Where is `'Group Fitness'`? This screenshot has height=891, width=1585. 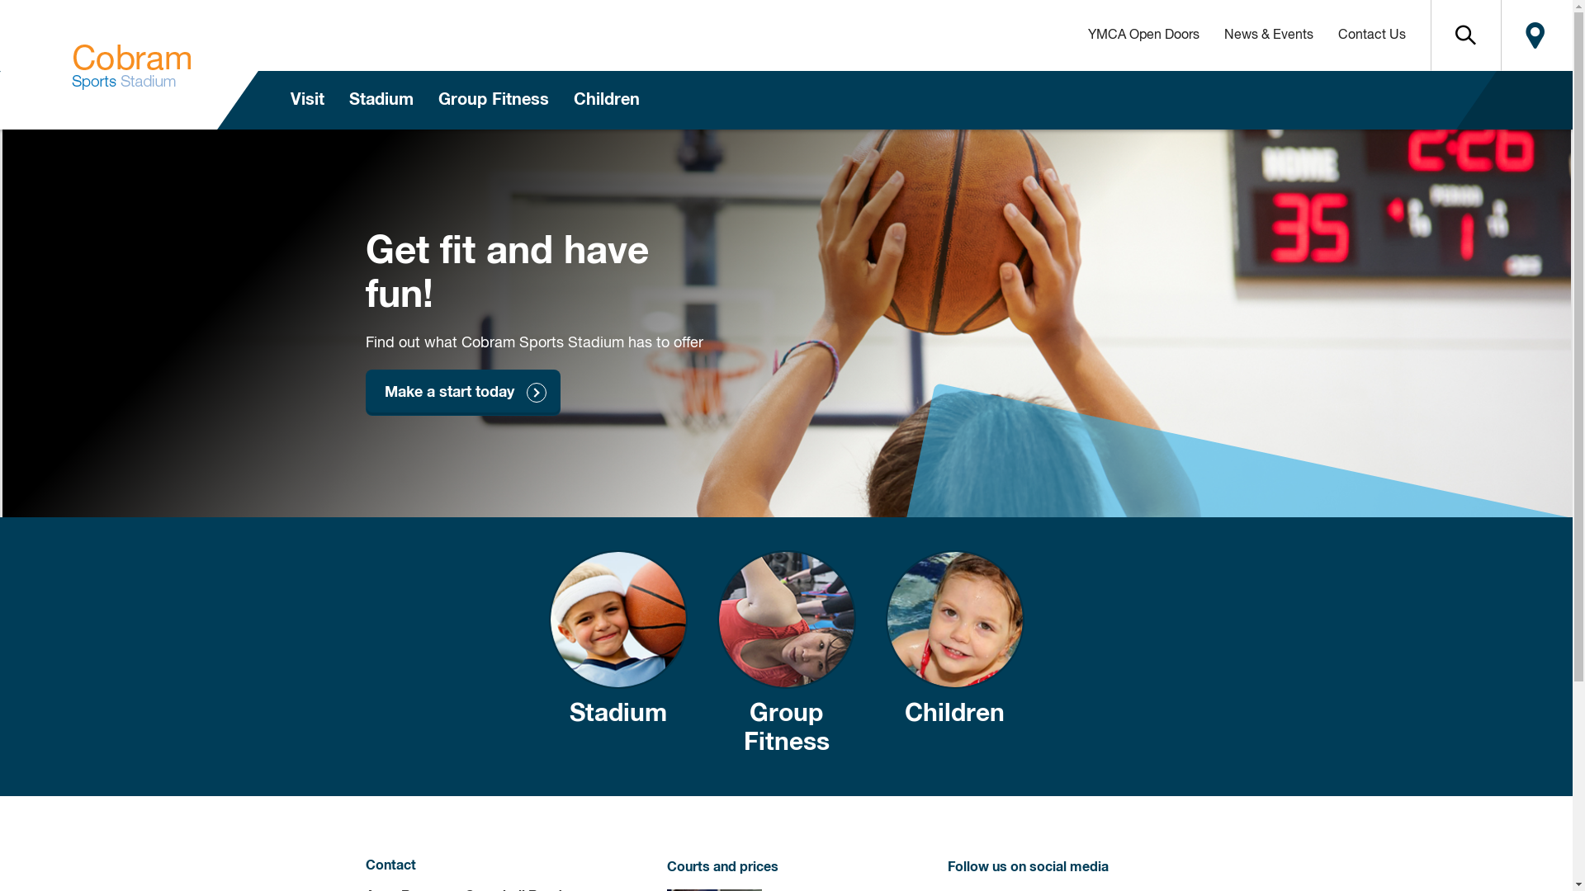
'Group Fitness' is located at coordinates (784, 655).